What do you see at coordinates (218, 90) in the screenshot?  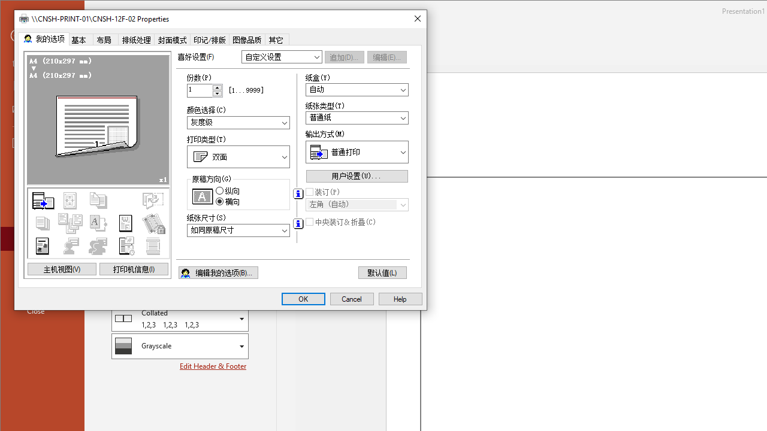 I see `'AutomationID: 1012'` at bounding box center [218, 90].